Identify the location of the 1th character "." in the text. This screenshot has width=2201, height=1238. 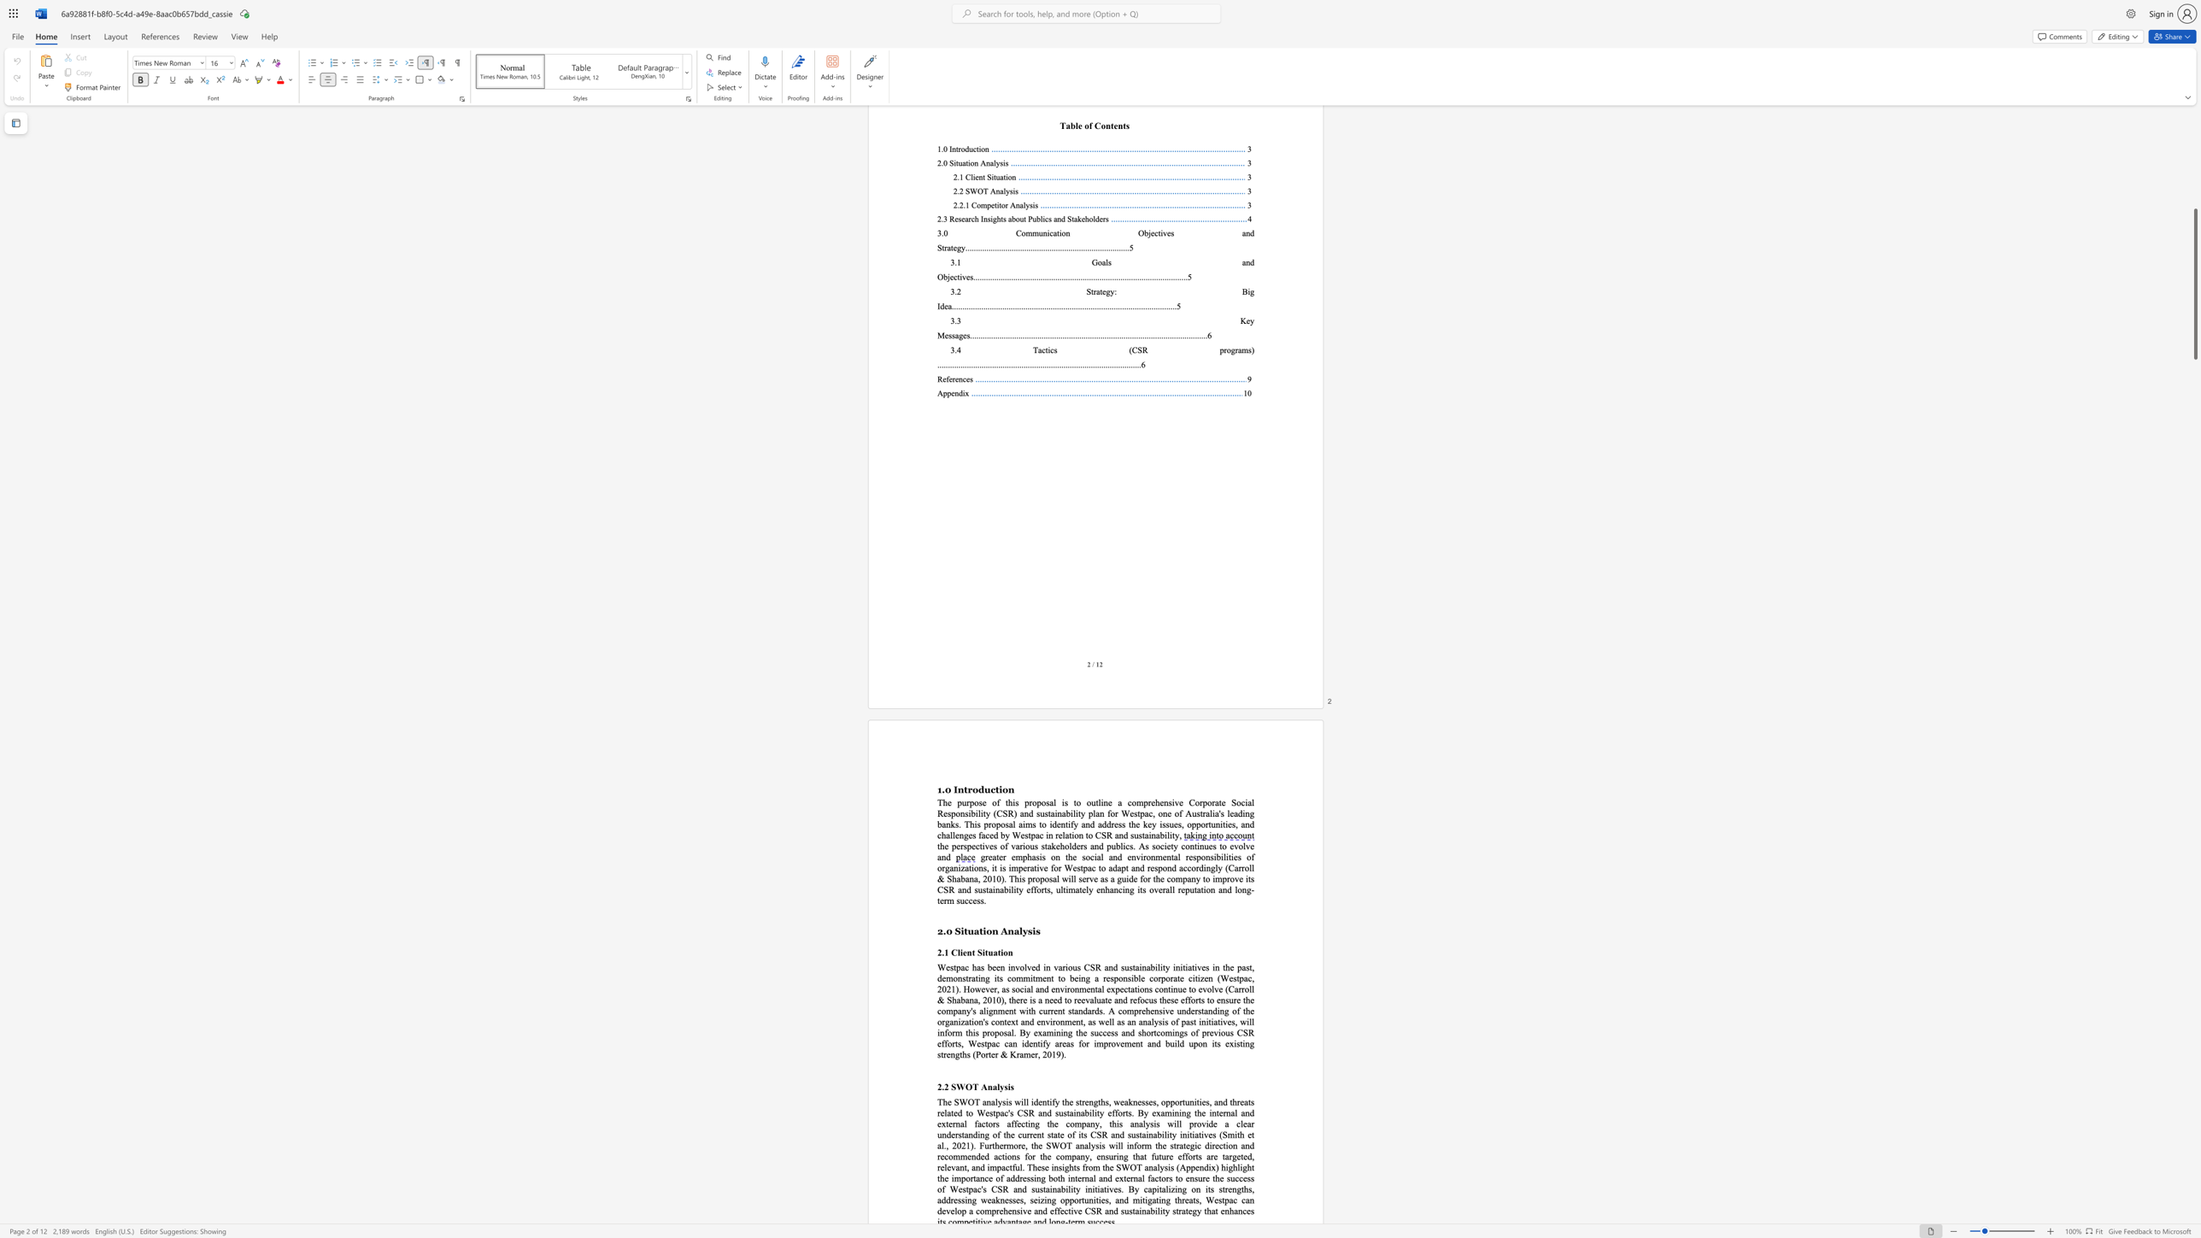
(942, 789).